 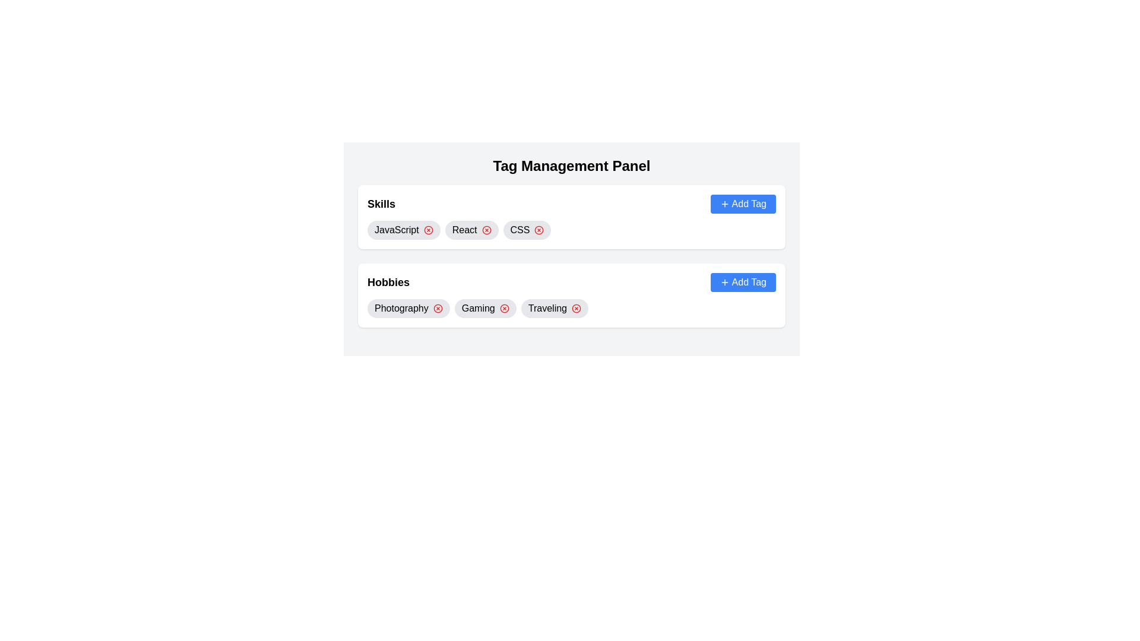 I want to click on the small red close button with an 'X' symbol located in the 'Gaming' tag of the 'Hobbies' section, so click(x=504, y=308).